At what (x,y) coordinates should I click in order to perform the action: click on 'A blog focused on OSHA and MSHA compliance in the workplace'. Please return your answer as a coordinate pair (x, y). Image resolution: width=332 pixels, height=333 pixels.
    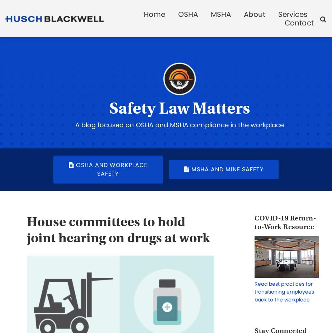
    Looking at the image, I should click on (179, 124).